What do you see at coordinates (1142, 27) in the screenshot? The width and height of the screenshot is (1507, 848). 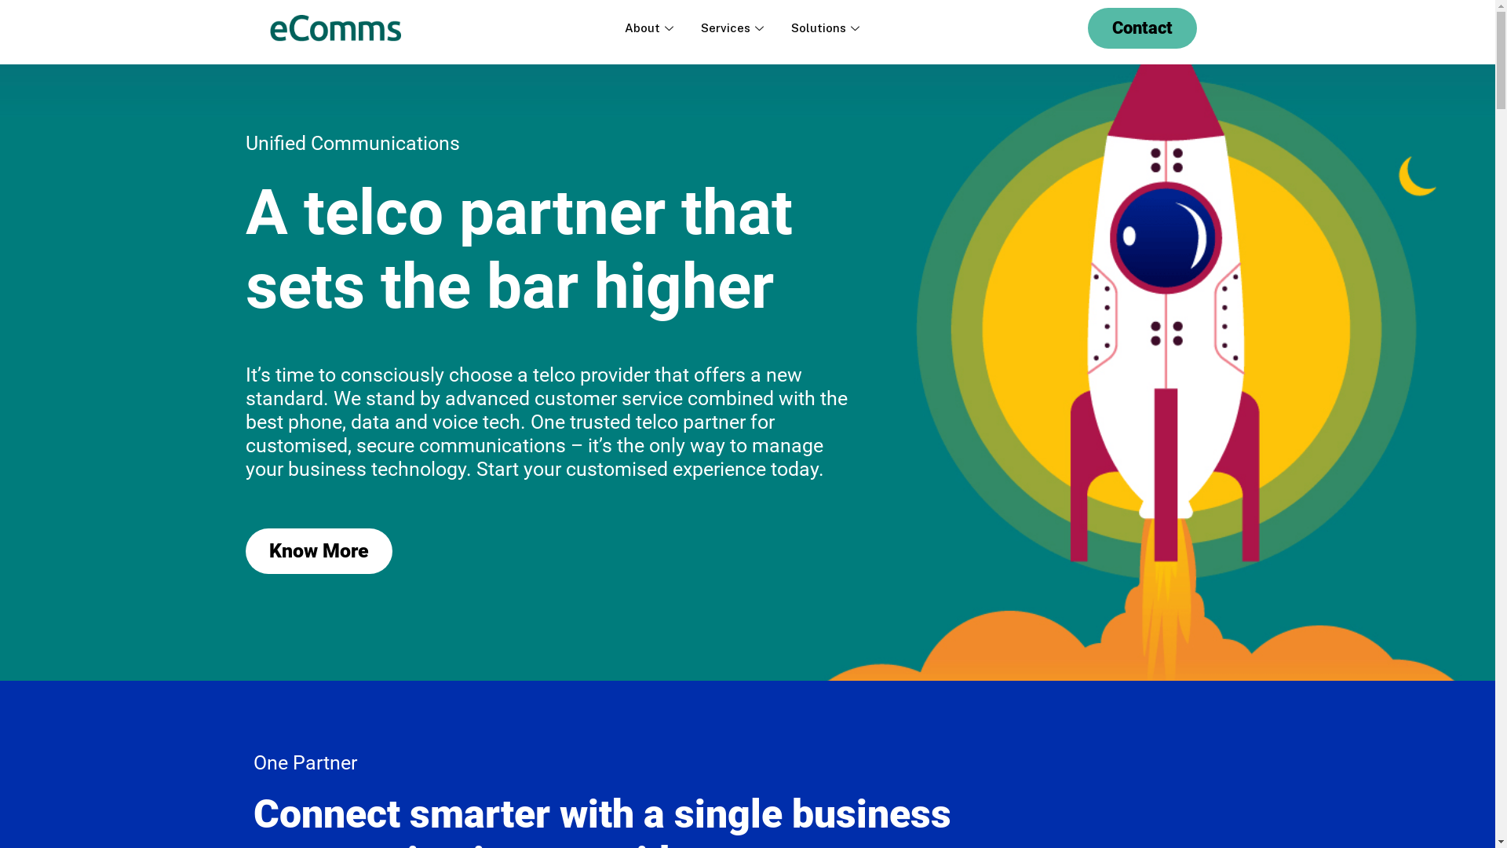 I see `'Contact'` at bounding box center [1142, 27].